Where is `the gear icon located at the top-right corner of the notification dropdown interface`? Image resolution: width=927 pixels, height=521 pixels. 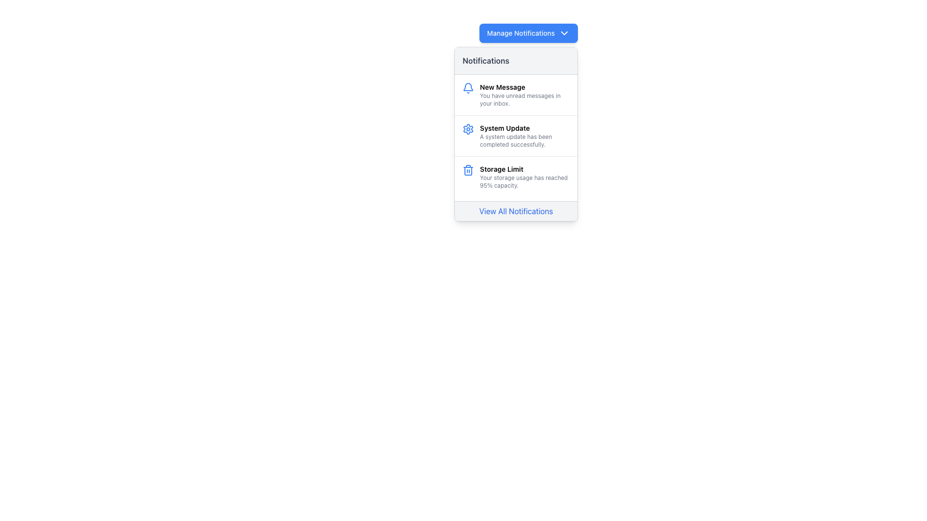
the gear icon located at the top-right corner of the notification dropdown interface is located at coordinates (468, 128).